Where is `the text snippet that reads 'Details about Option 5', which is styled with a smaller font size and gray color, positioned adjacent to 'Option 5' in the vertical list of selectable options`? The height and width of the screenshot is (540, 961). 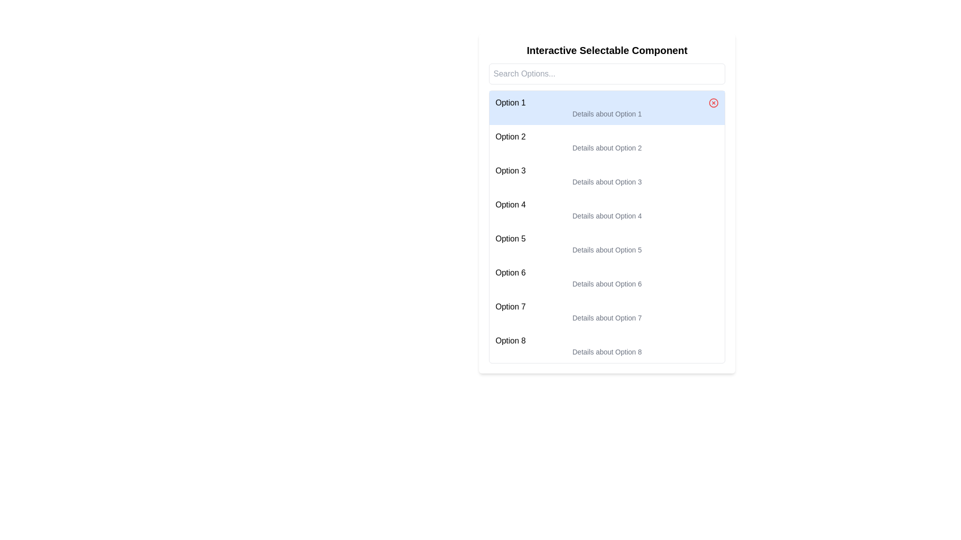
the text snippet that reads 'Details about Option 5', which is styled with a smaller font size and gray color, positioned adjacent to 'Option 5' in the vertical list of selectable options is located at coordinates (607, 249).